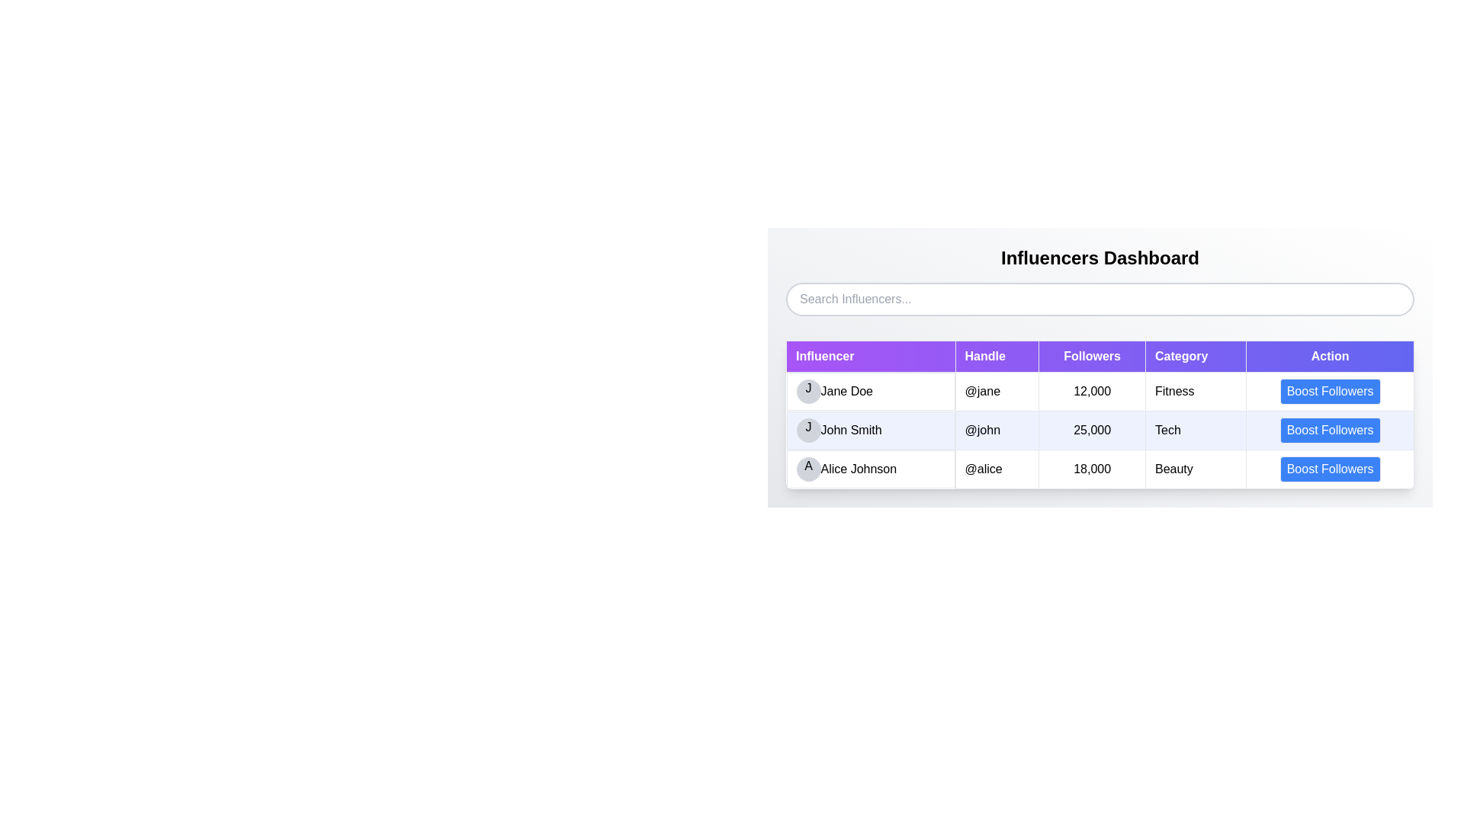 Image resolution: width=1464 pixels, height=823 pixels. Describe the element at coordinates (1329, 469) in the screenshot. I see `the button to boost followers for 'Alice Johnson' in the 'Influencers Dashboard' table, located in the 'Action' column` at that location.